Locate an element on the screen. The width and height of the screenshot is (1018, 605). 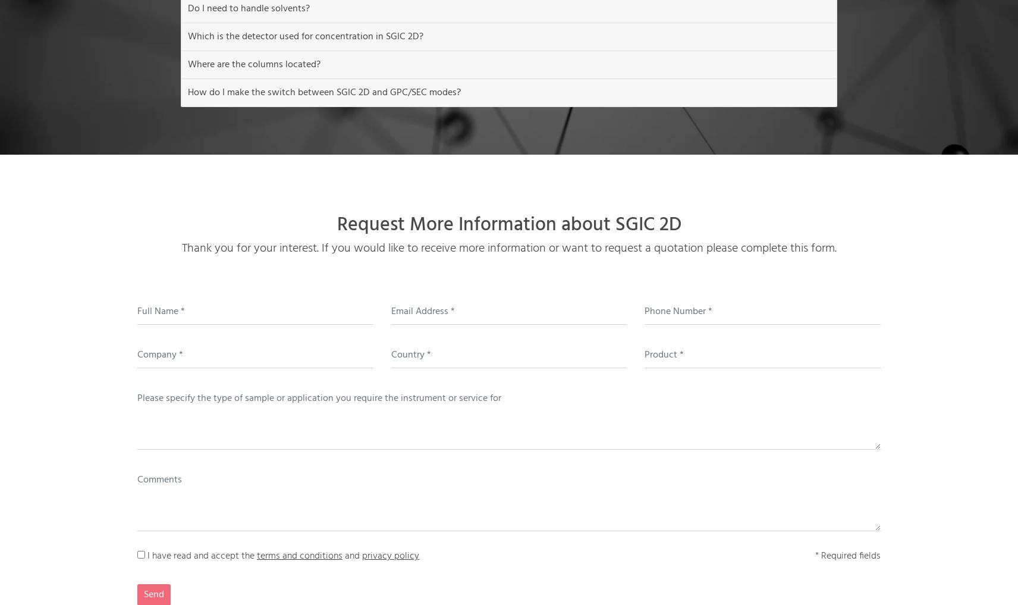
'I have read and accept the' is located at coordinates (202, 556).